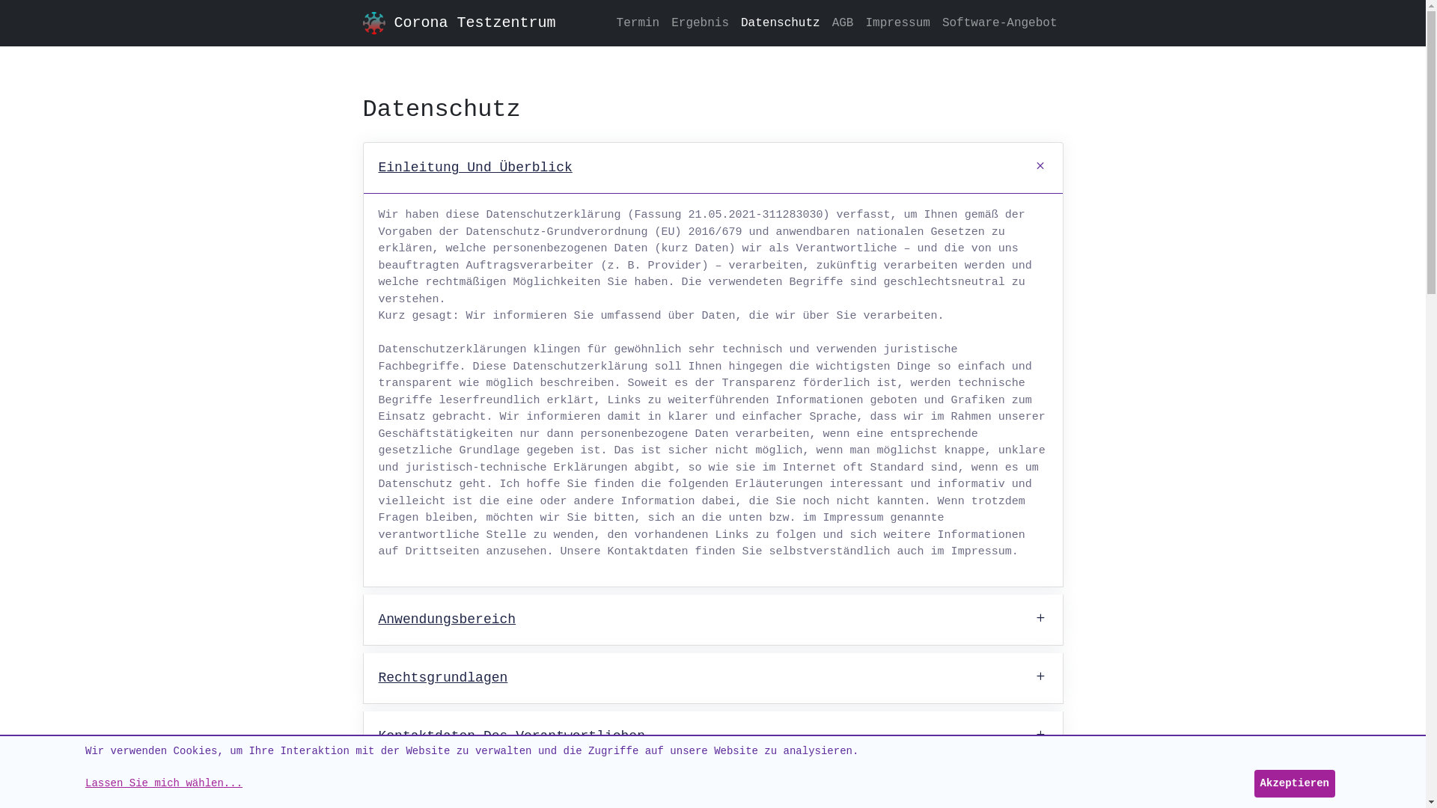 The image size is (1437, 808). What do you see at coordinates (713, 678) in the screenshot?
I see `'Rechtsgrundlagen'` at bounding box center [713, 678].